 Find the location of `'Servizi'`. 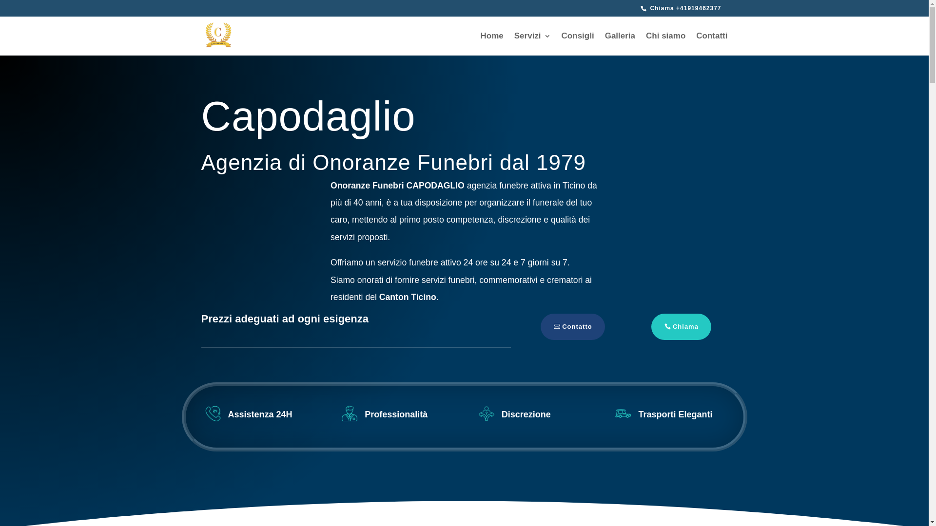

'Servizi' is located at coordinates (532, 44).